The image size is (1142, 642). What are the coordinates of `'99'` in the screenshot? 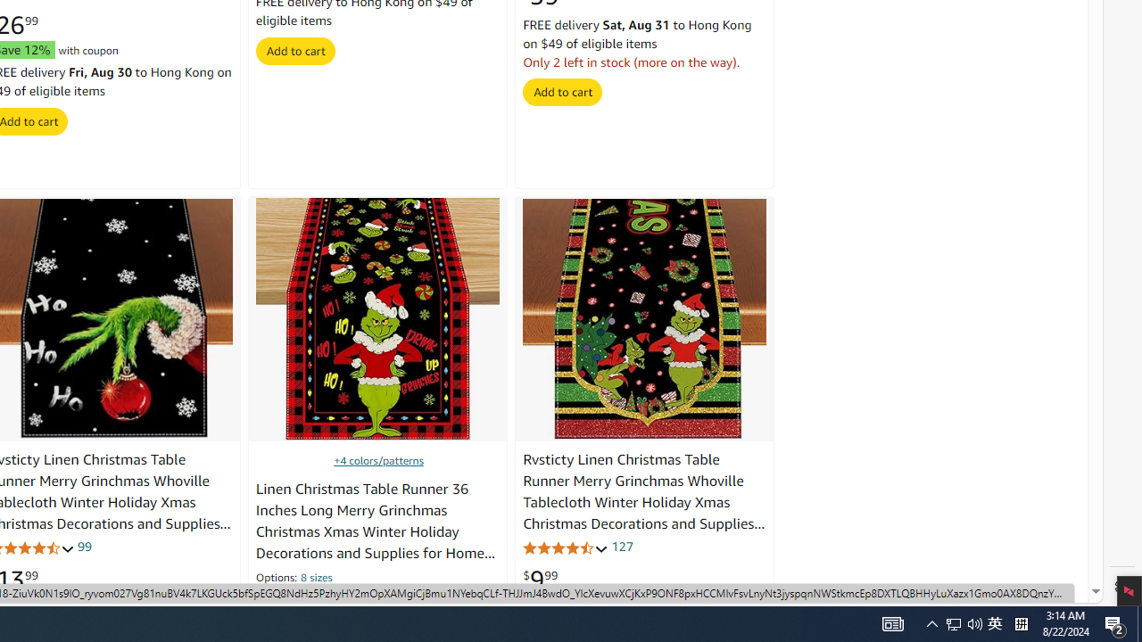 It's located at (83, 545).